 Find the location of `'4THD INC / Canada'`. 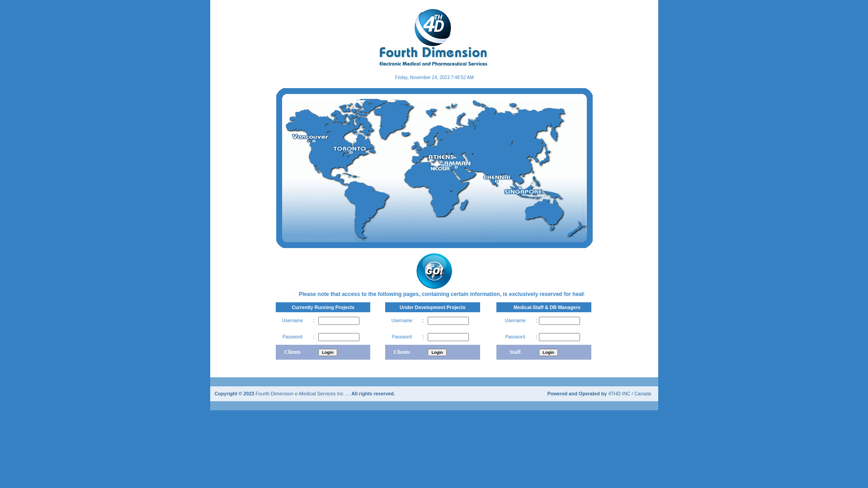

'4THD INC / Canada' is located at coordinates (629, 392).